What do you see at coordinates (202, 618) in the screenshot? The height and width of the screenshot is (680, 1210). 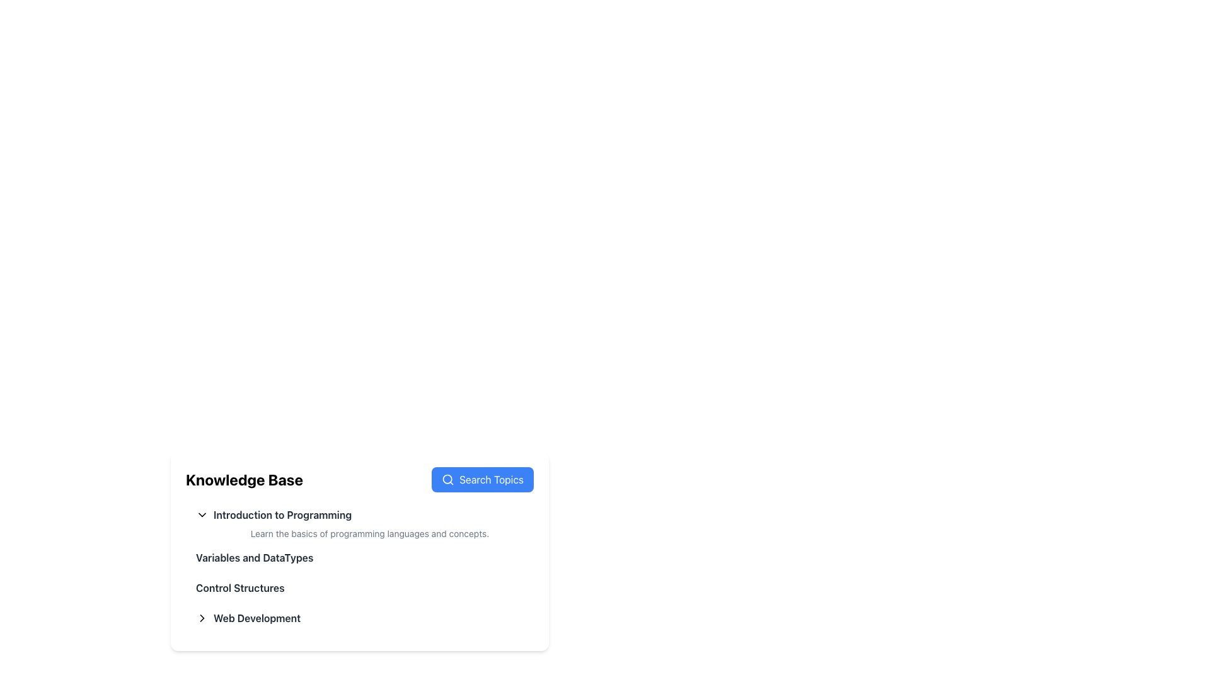 I see `the right-arrow icon next to 'Control Structures' in the 'Knowledge Base' section` at bounding box center [202, 618].